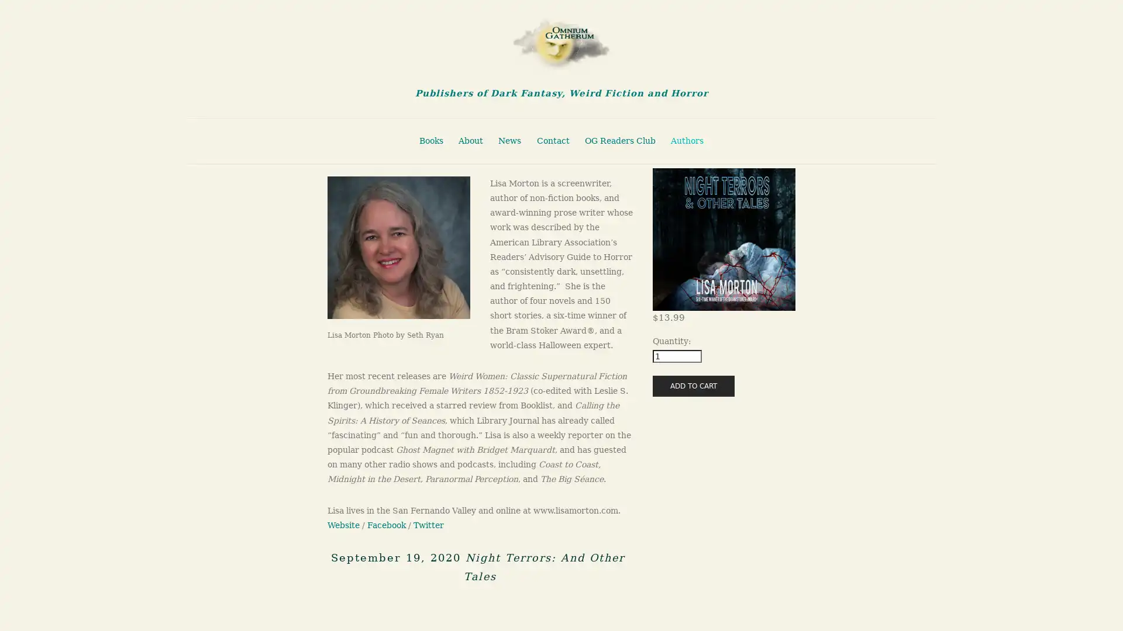 This screenshot has width=1123, height=631. Describe the element at coordinates (693, 385) in the screenshot. I see `ADD TO CART` at that location.